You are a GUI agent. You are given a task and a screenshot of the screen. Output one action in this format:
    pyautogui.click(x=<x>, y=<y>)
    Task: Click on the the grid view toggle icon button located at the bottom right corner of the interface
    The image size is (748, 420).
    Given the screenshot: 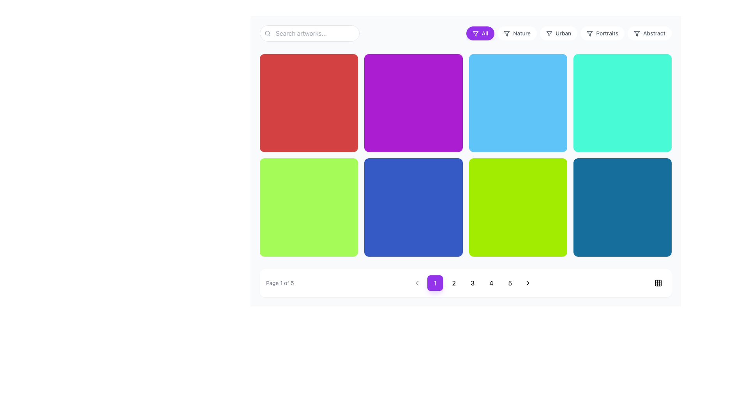 What is the action you would take?
    pyautogui.click(x=658, y=283)
    